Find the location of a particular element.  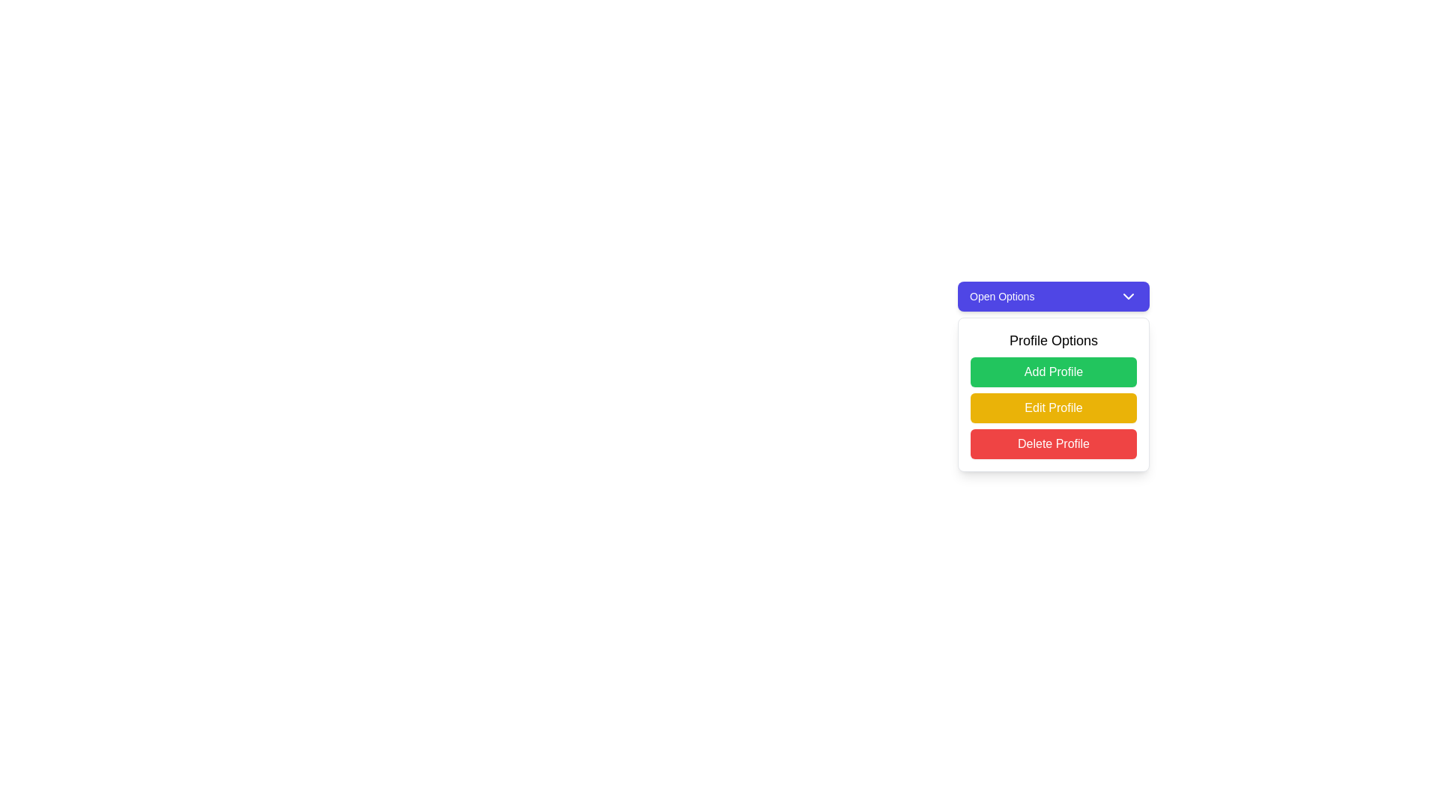

the green 'Add Profile' button located below the 'Profile Options' heading in the dropdown menu is located at coordinates (1052, 372).